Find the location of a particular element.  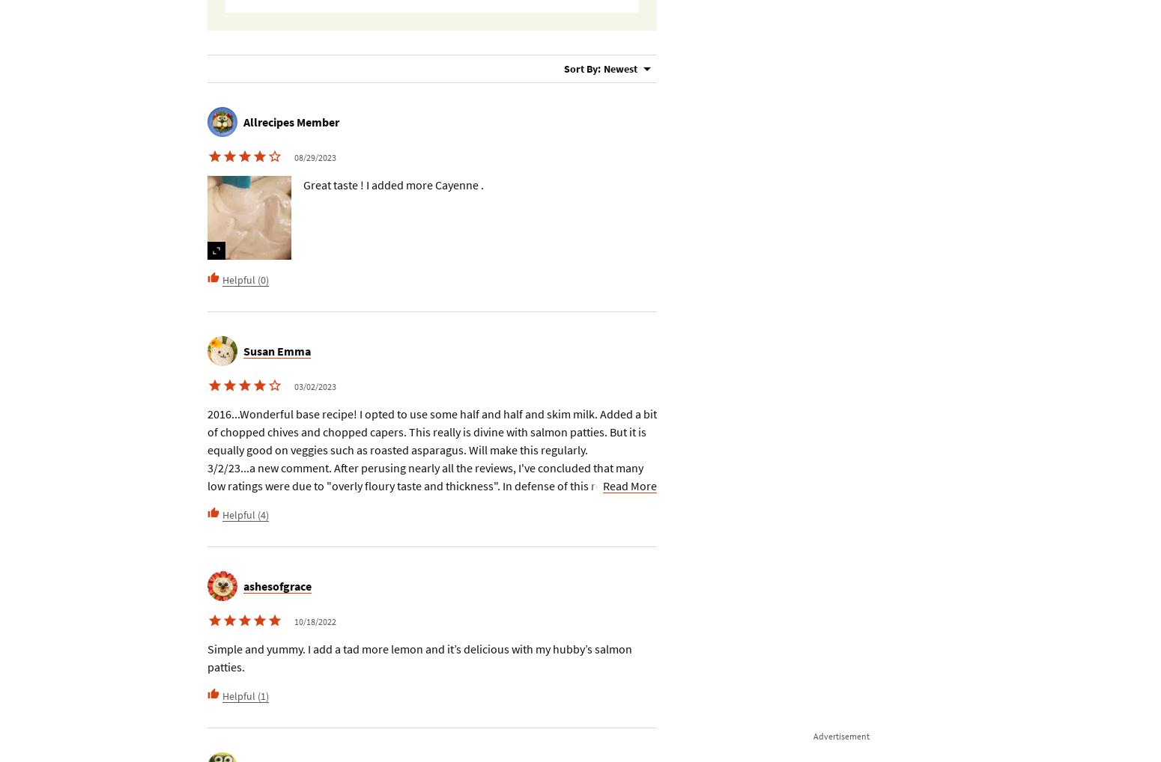

'ashesofgrace' is located at coordinates (243, 586).